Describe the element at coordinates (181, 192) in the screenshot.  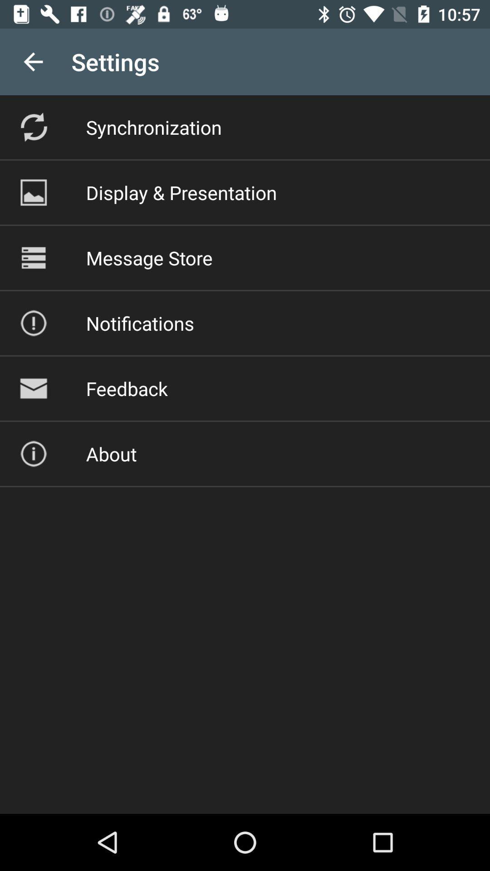
I see `display & presentation icon` at that location.